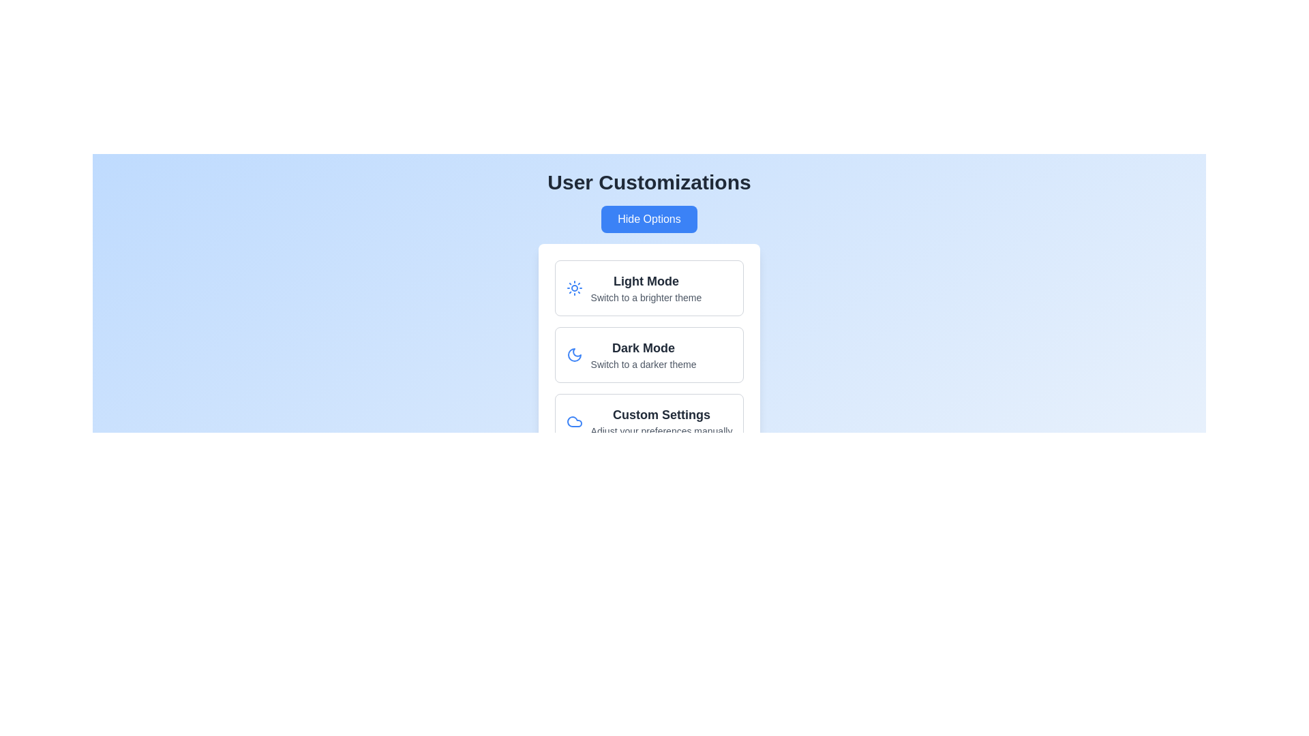  Describe the element at coordinates (648, 354) in the screenshot. I see `the center of the 'Dark Mode' card to select it` at that location.